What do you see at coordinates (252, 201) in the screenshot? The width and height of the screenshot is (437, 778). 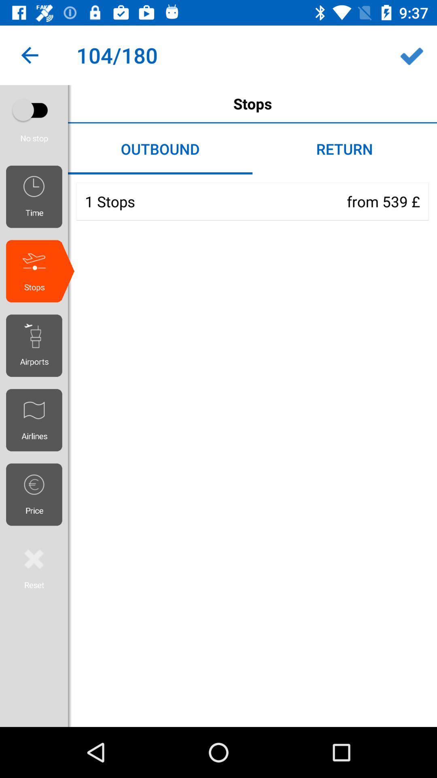 I see `1 stops from 539 pounds which is after time on the page` at bounding box center [252, 201].